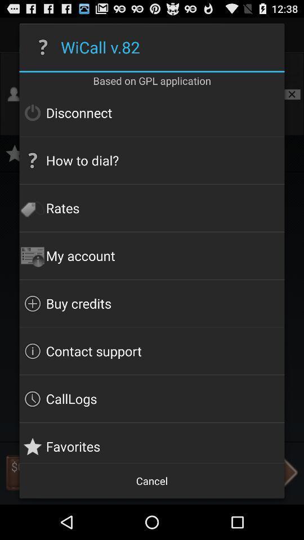 This screenshot has height=540, width=304. Describe the element at coordinates (152, 112) in the screenshot. I see `app above how to dial? app` at that location.